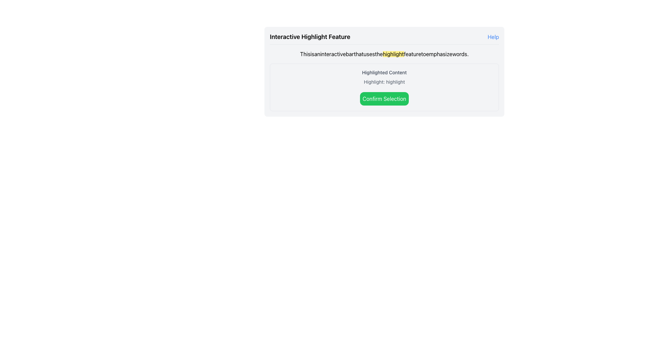 The image size is (646, 363). What do you see at coordinates (379, 54) in the screenshot?
I see `the 8th word in the text sequence of the sentence, which is part of the textual content that follows the word 'uses' and precedes 'highlight'` at bounding box center [379, 54].